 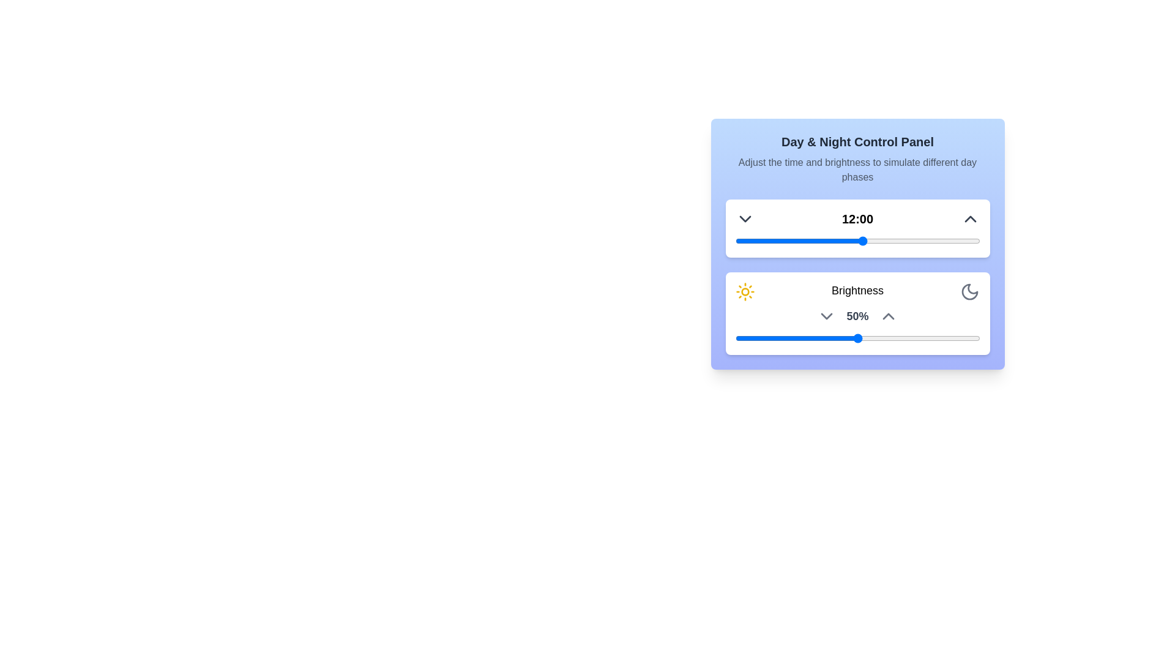 What do you see at coordinates (766, 241) in the screenshot?
I see `the time` at bounding box center [766, 241].